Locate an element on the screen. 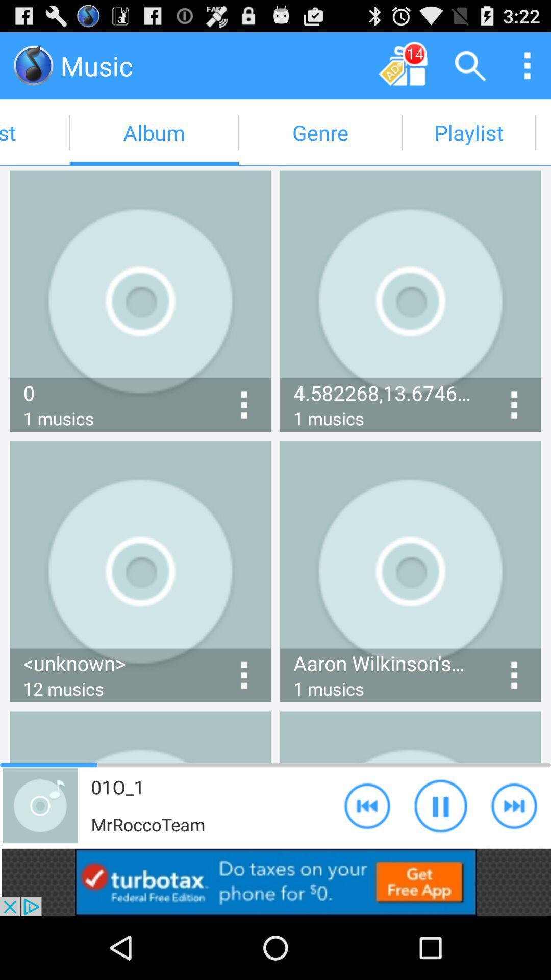 This screenshot has height=980, width=551. the search icon is located at coordinates (470, 69).